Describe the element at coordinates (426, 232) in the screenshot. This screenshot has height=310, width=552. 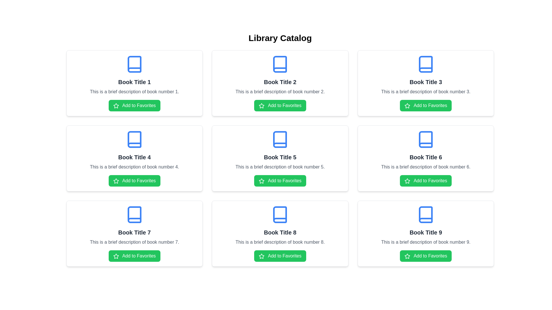
I see `the textual title displaying 'Book Title 9', which is styled with a bold font and located in the bottom-right corner of a 3x3 grid of book cards` at that location.